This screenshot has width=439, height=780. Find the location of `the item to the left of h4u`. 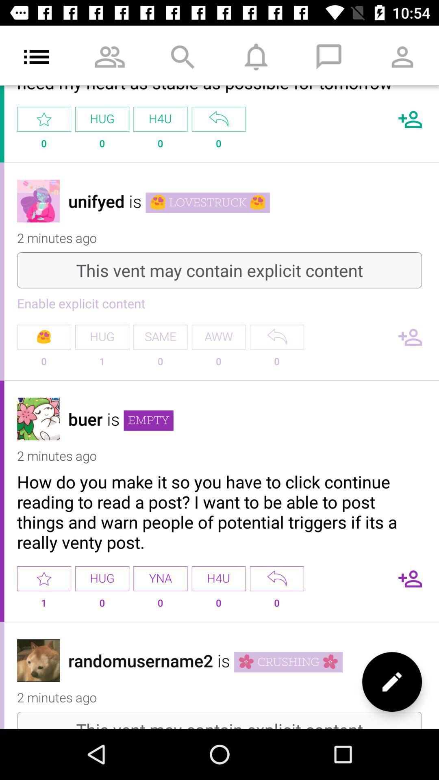

the item to the left of h4u is located at coordinates (160, 578).